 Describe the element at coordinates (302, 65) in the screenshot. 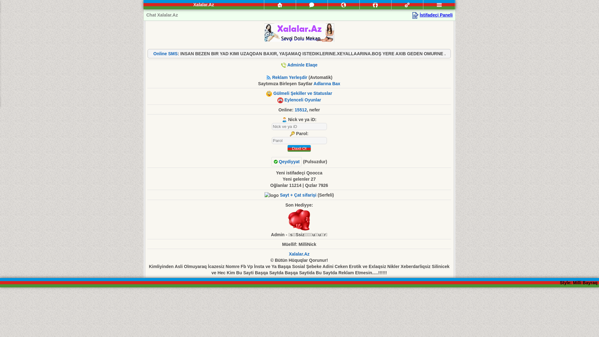

I see `'Adminle Elaqe'` at that location.